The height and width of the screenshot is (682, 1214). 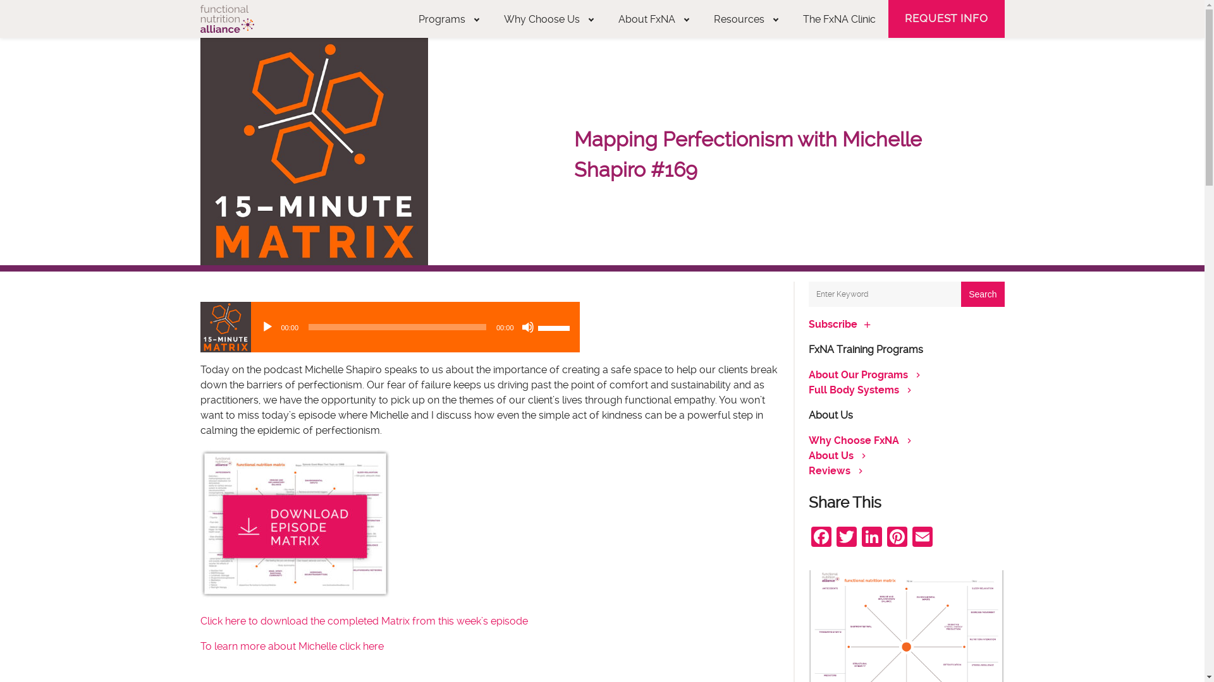 What do you see at coordinates (653, 19) in the screenshot?
I see `'About FxNA'` at bounding box center [653, 19].